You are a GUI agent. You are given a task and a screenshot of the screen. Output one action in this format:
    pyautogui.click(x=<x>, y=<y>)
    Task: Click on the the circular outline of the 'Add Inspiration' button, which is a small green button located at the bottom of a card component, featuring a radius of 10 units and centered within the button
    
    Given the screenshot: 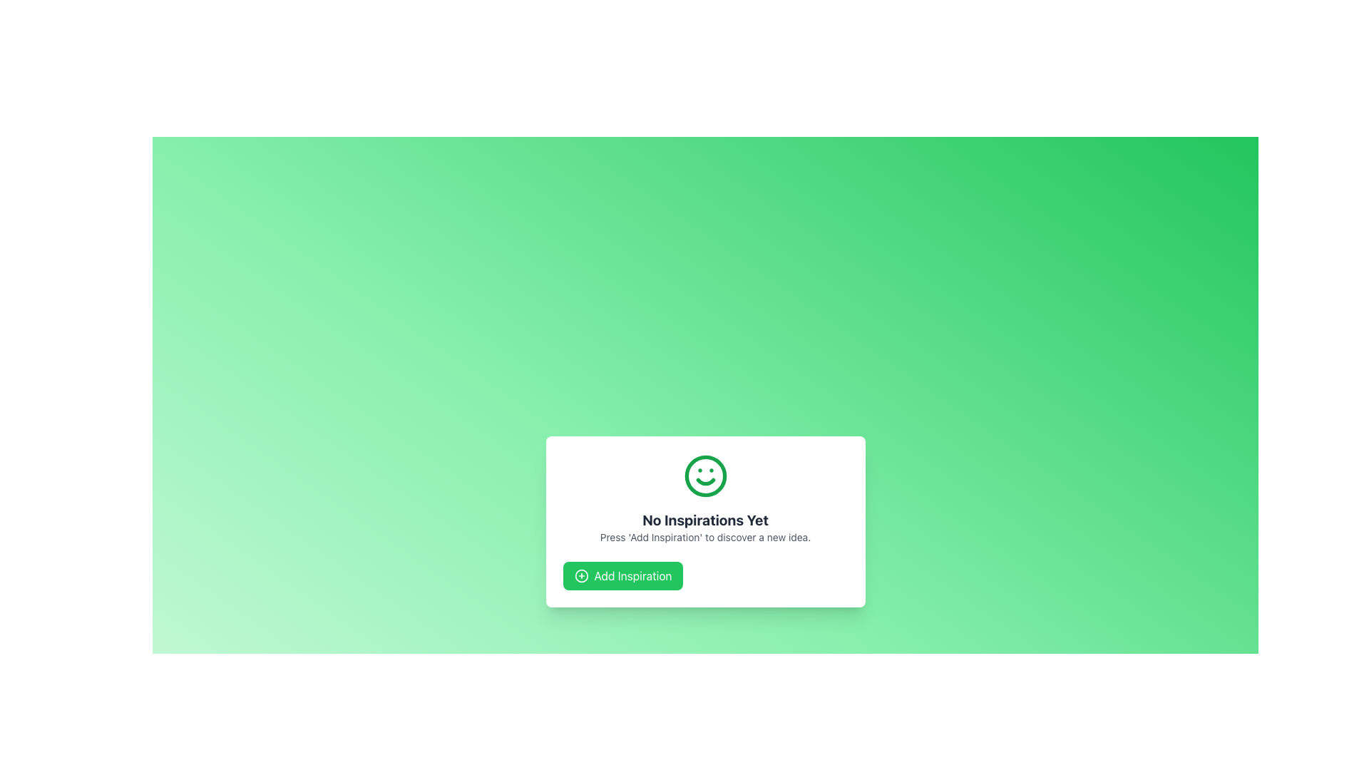 What is the action you would take?
    pyautogui.click(x=581, y=575)
    